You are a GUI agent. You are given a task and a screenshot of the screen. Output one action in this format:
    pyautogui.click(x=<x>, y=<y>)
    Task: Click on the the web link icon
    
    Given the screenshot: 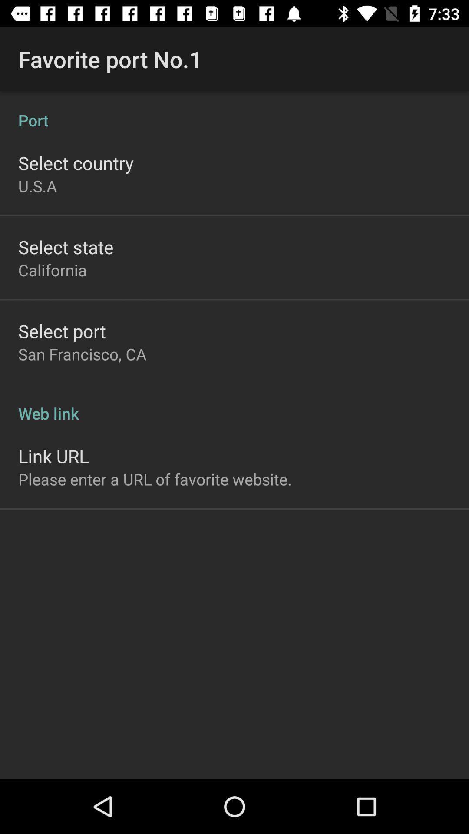 What is the action you would take?
    pyautogui.click(x=234, y=404)
    